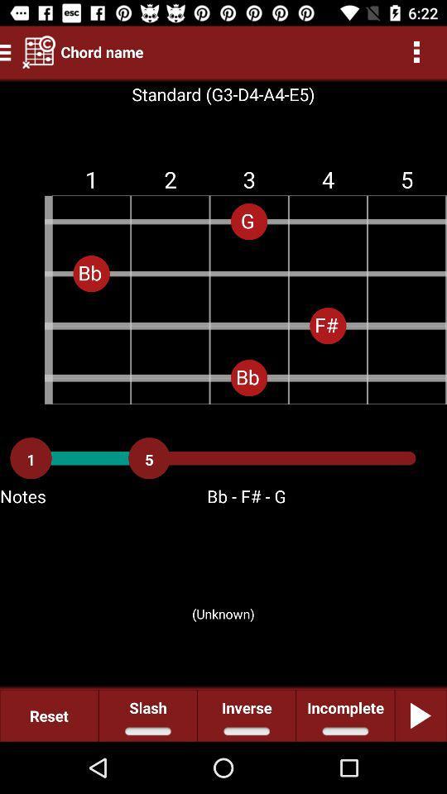  I want to click on the icon next to the reset icon, so click(147, 715).